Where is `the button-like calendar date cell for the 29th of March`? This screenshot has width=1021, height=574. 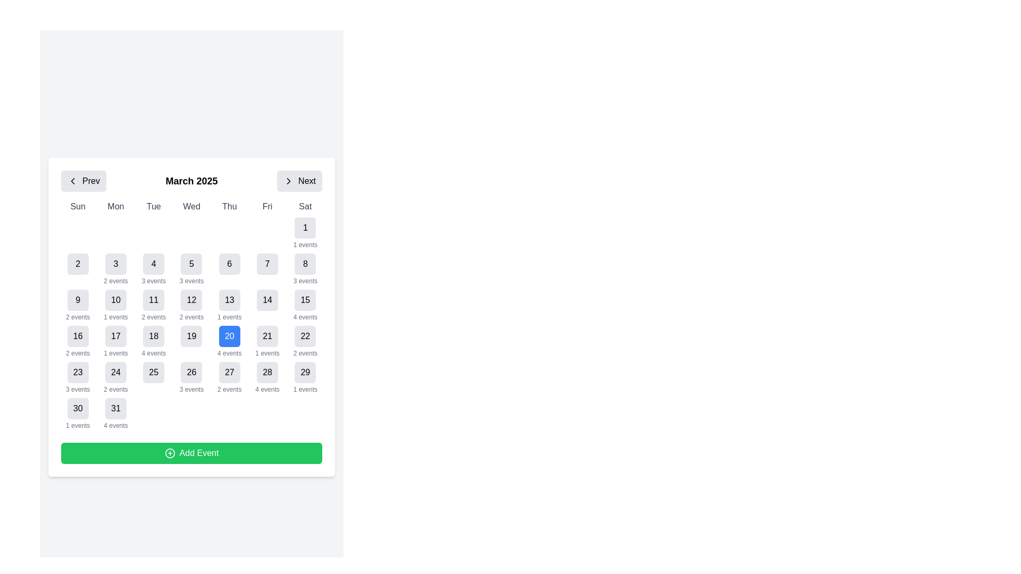
the button-like calendar date cell for the 29th of March is located at coordinates (305, 377).